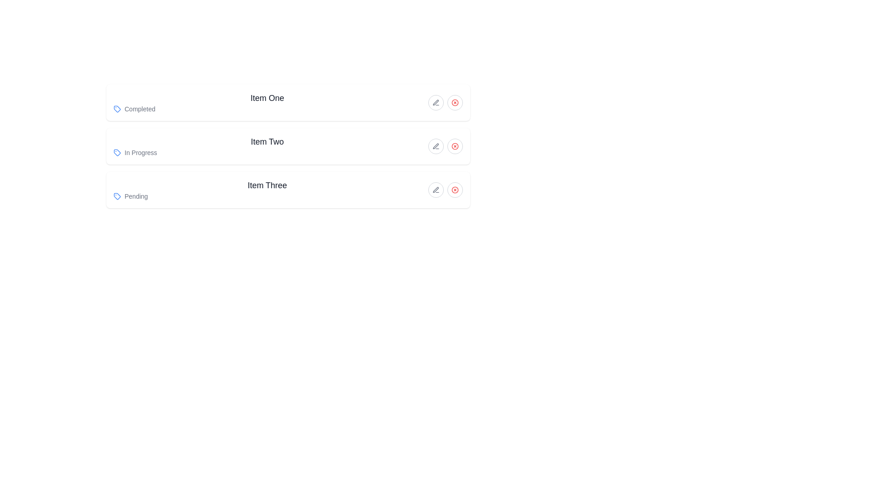 This screenshot has height=491, width=873. I want to click on the text label that reads 'Item One', which is styled with a larger font size and bold weight, appearing in black color against a plain white background, located at the top of a vertical list, so click(267, 98).